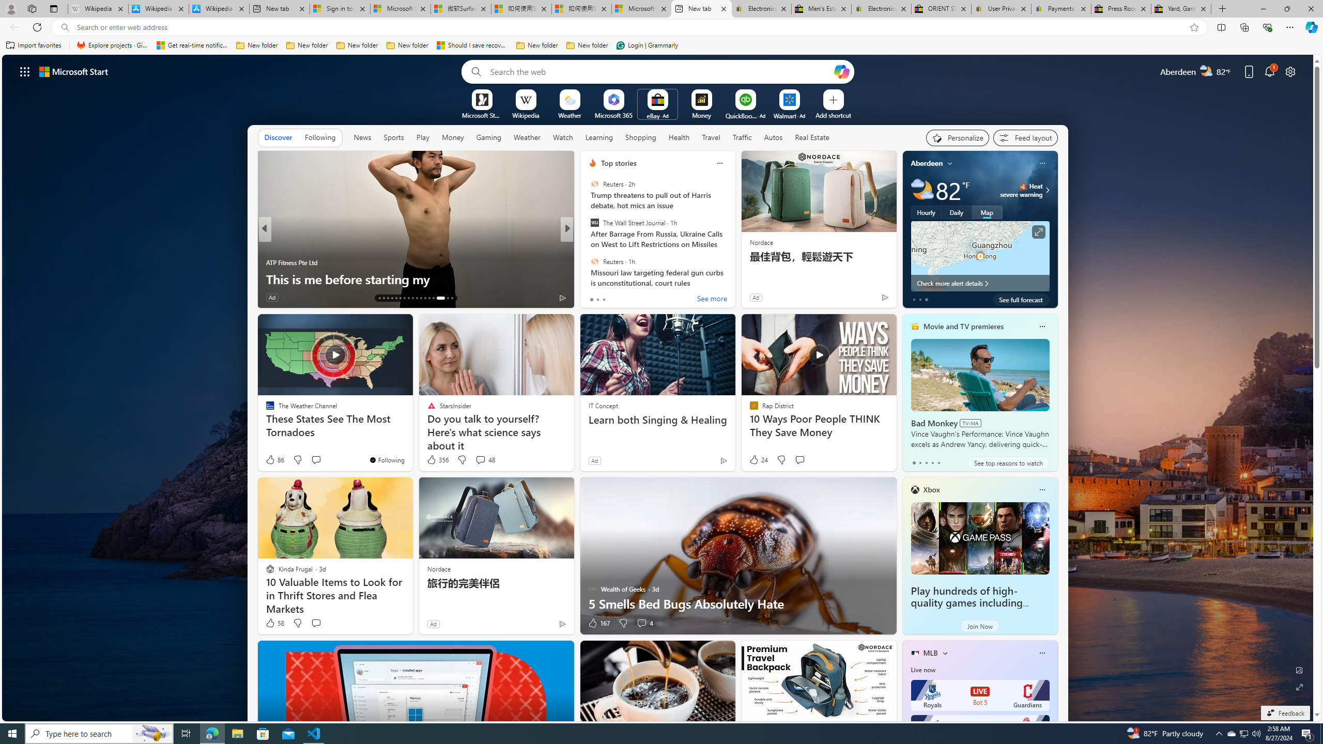  Describe the element at coordinates (647, 45) in the screenshot. I see `'Login | Grammarly'` at that location.